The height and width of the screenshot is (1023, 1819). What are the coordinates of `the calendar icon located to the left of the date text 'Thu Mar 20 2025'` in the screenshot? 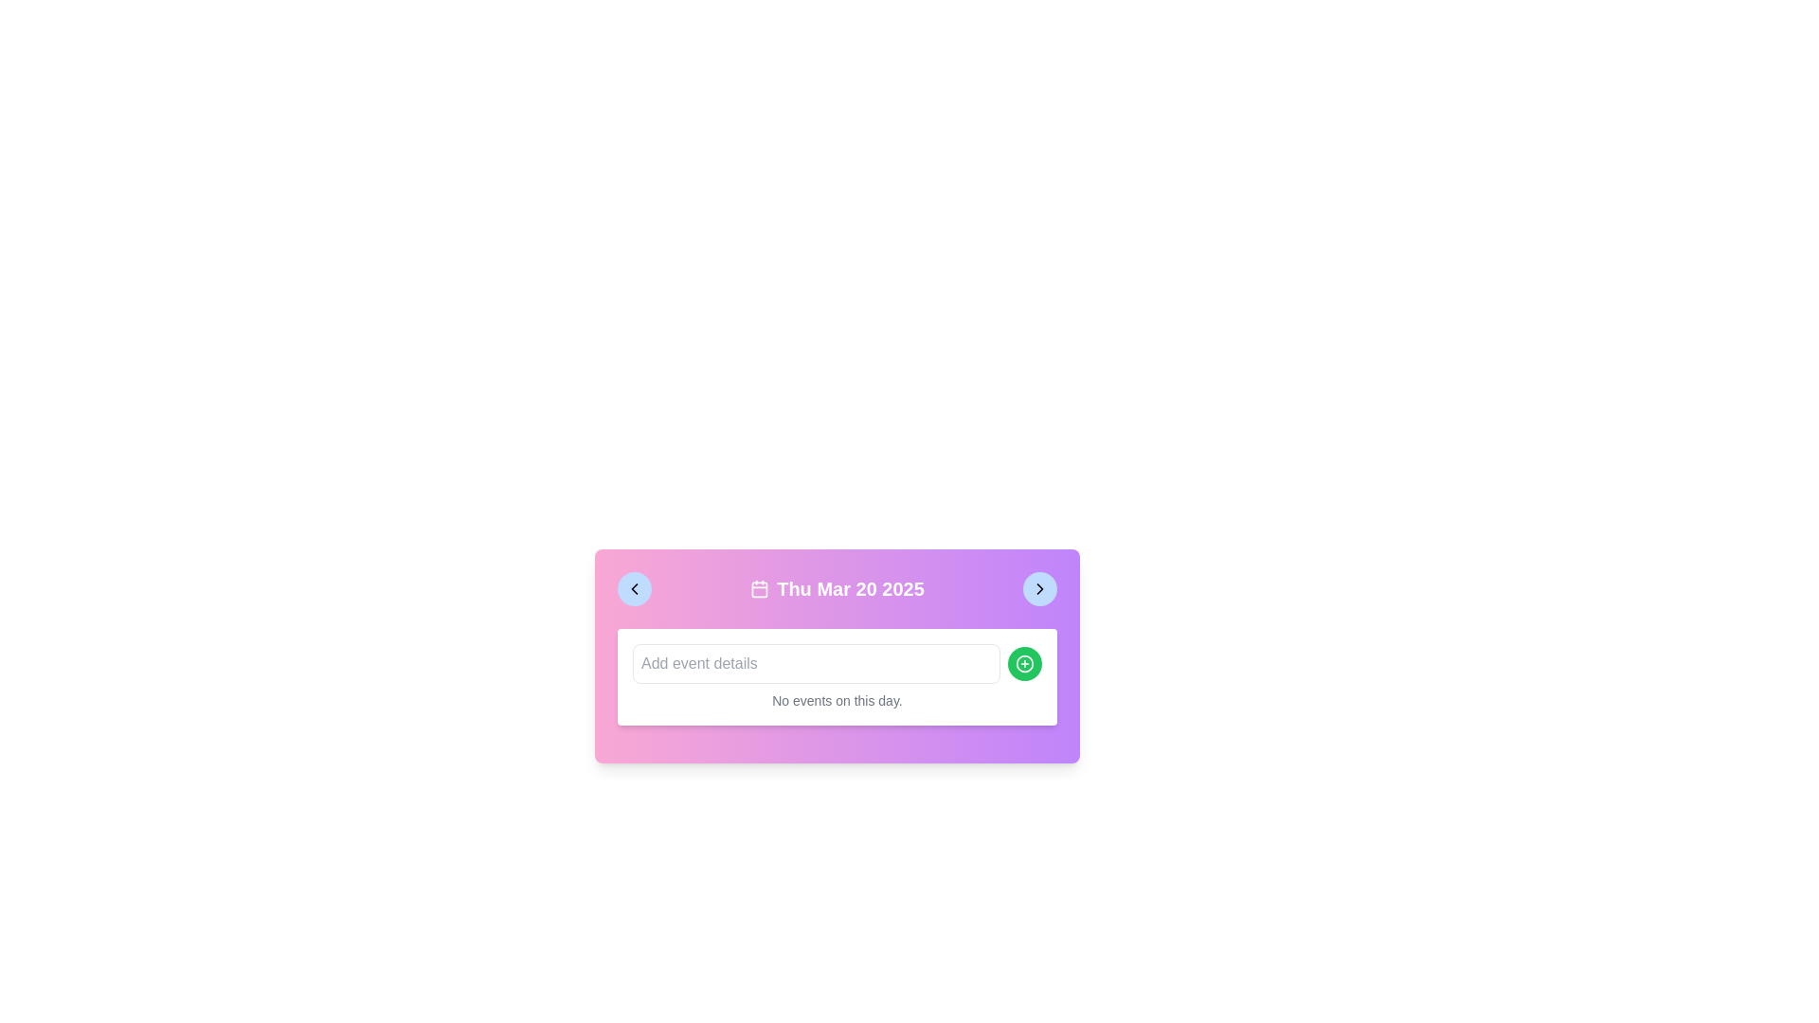 It's located at (760, 587).